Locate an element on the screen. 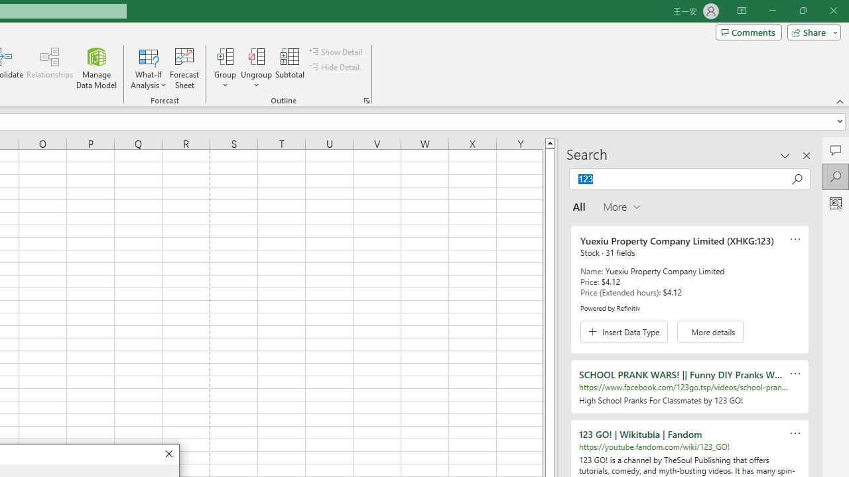 This screenshot has width=849, height=477. 'Ungroup...' is located at coordinates (257, 68).